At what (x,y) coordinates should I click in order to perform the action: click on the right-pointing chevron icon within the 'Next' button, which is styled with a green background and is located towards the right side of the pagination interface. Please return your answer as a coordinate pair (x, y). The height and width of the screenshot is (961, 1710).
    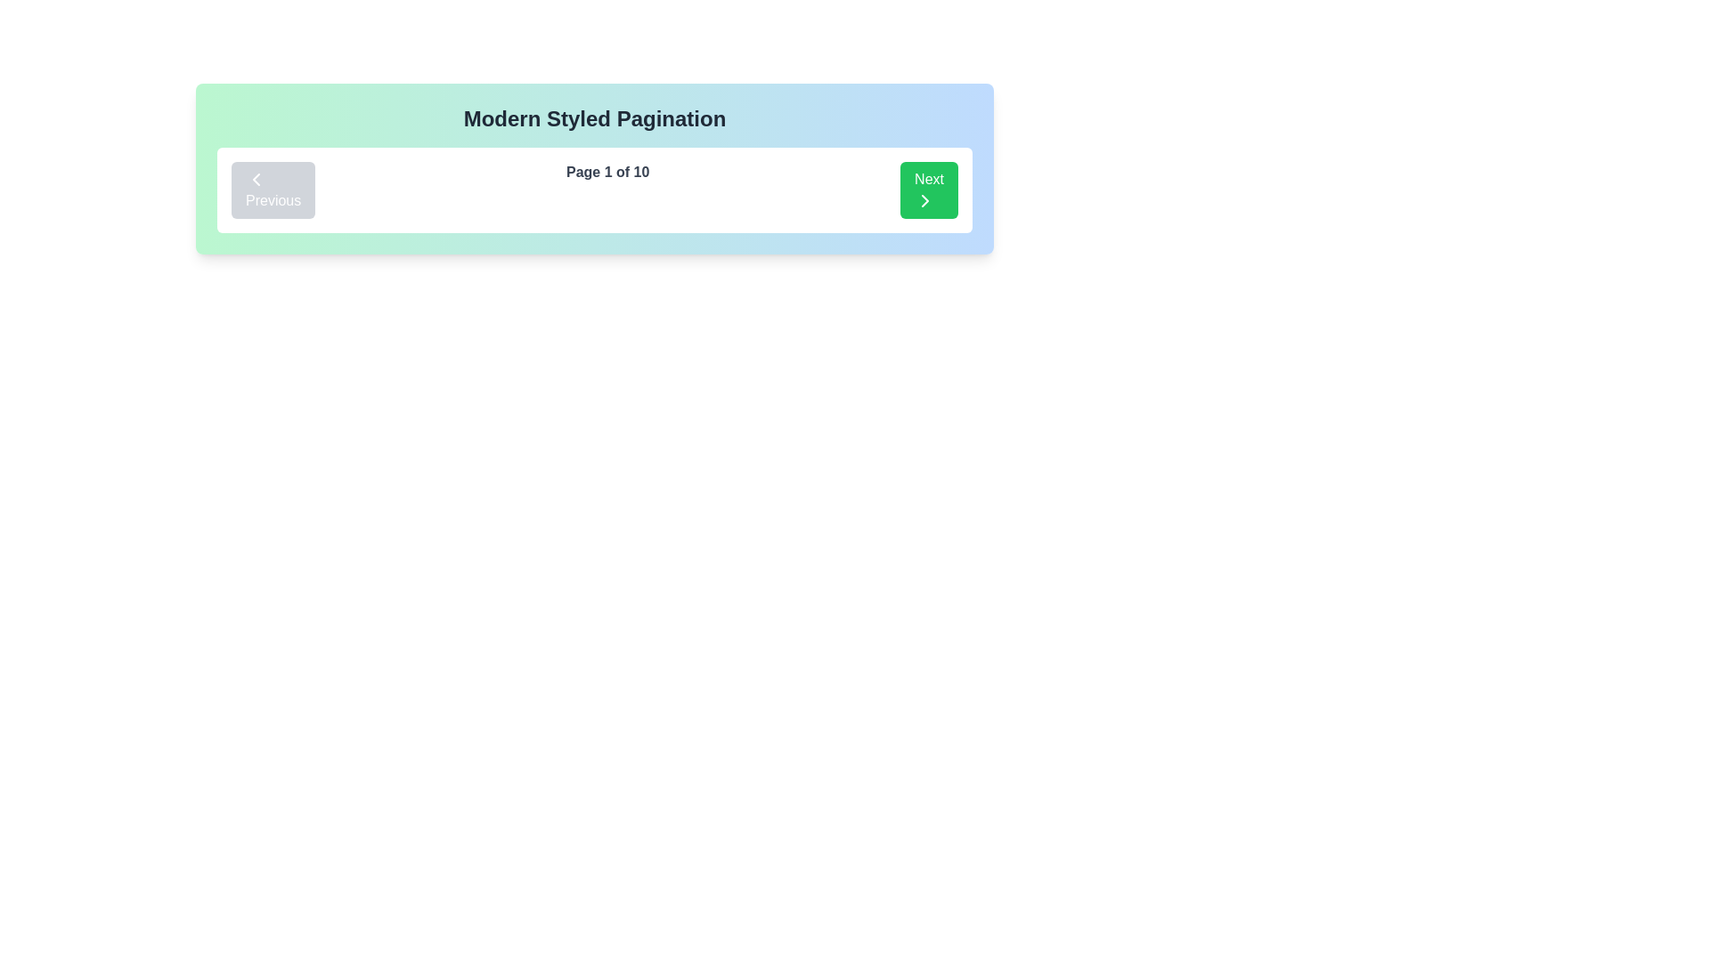
    Looking at the image, I should click on (925, 200).